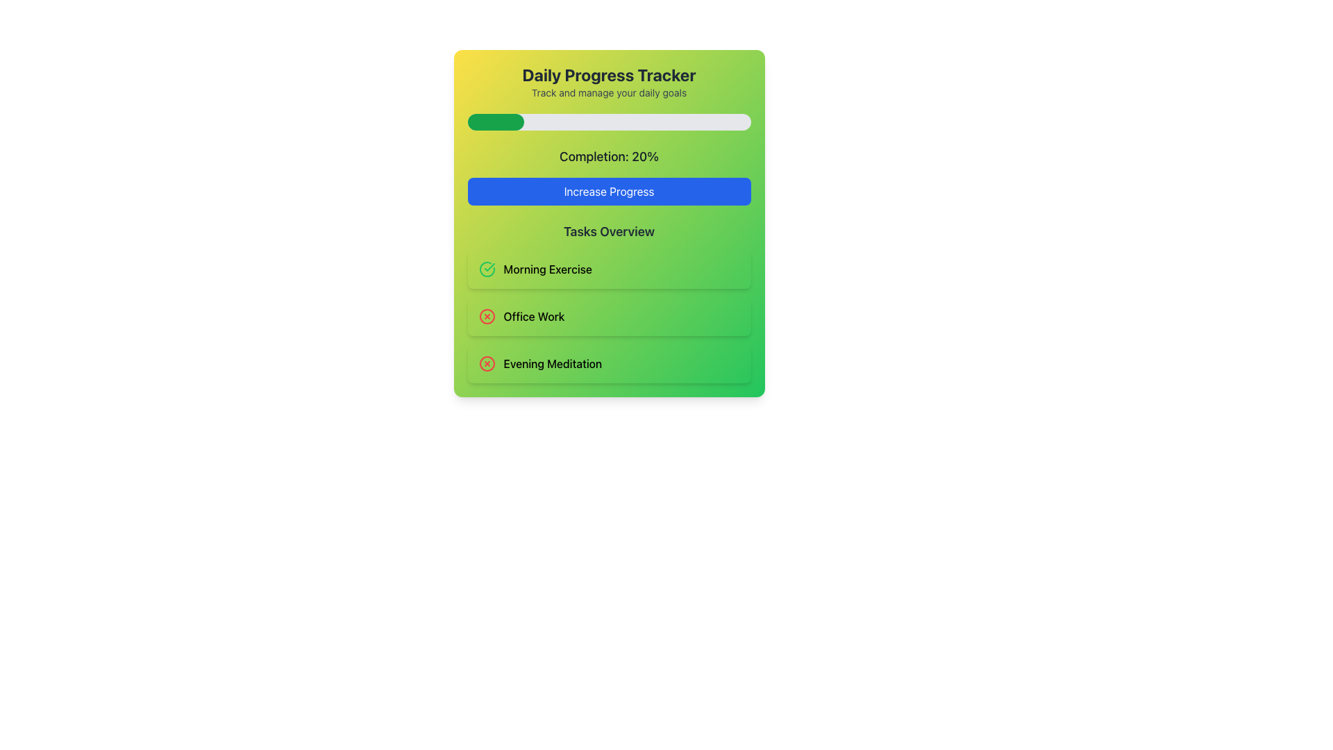 This screenshot has height=750, width=1333. Describe the element at coordinates (609, 316) in the screenshot. I see `the 'Office Work' task item, which has a red circular cross icon indicating an uncompleted status` at that location.